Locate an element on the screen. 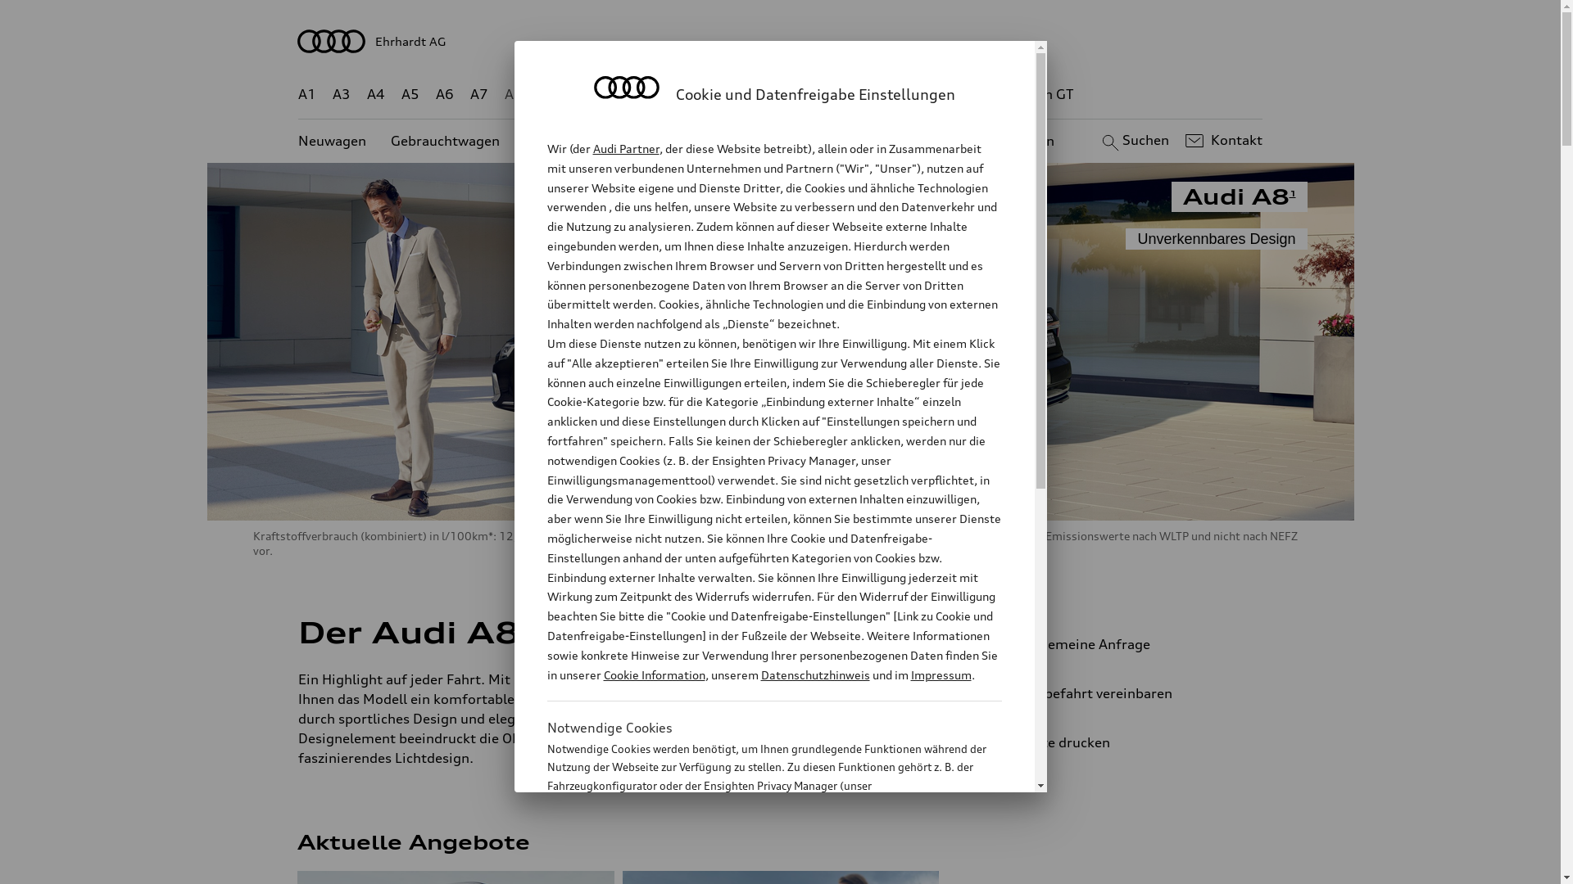  'Q5' is located at coordinates (697, 94).